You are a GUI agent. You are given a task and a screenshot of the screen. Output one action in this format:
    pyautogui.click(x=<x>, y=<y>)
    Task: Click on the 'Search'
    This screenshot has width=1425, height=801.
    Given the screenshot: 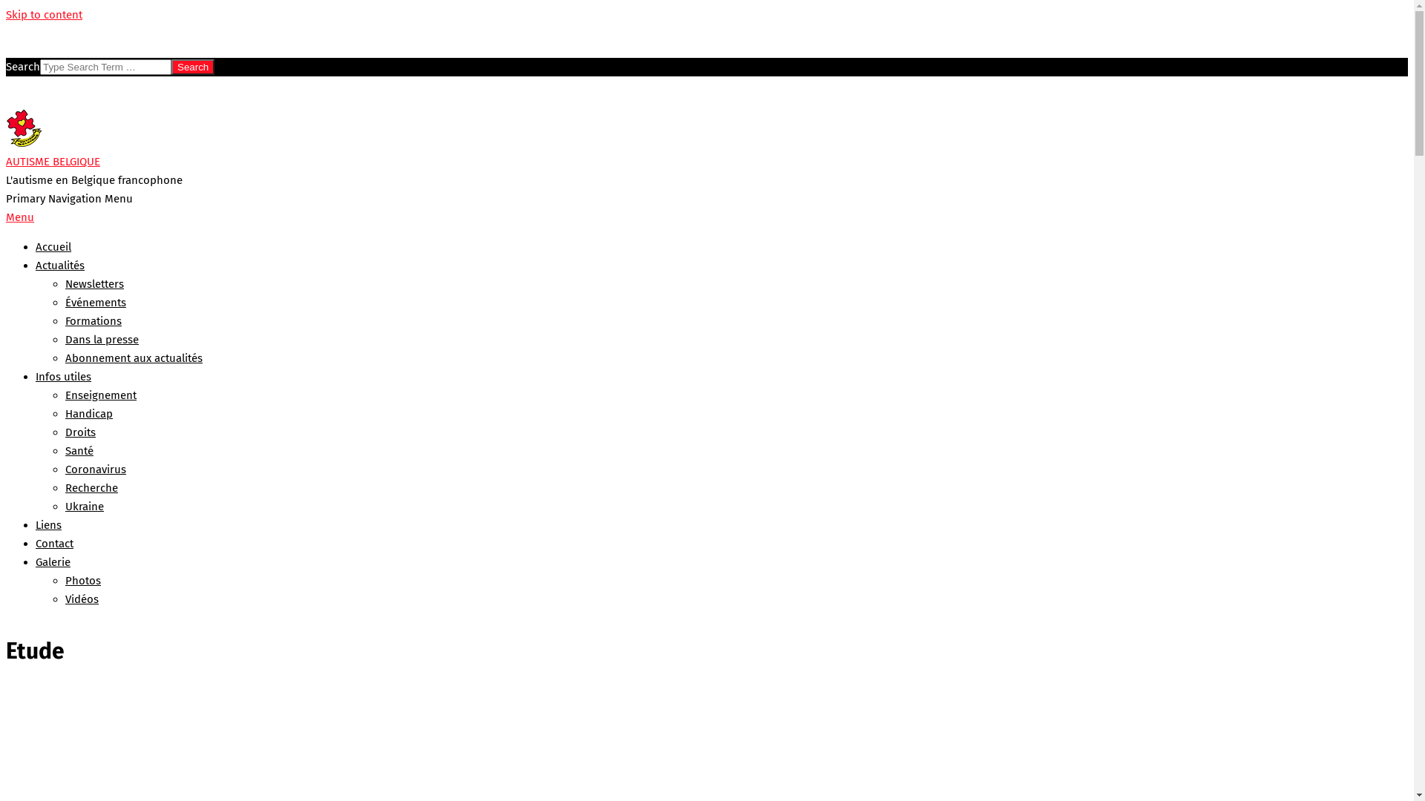 What is the action you would take?
    pyautogui.click(x=191, y=67)
    